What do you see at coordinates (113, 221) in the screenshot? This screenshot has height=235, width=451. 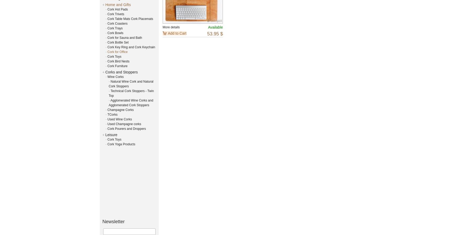 I see `'Newsletter'` at bounding box center [113, 221].